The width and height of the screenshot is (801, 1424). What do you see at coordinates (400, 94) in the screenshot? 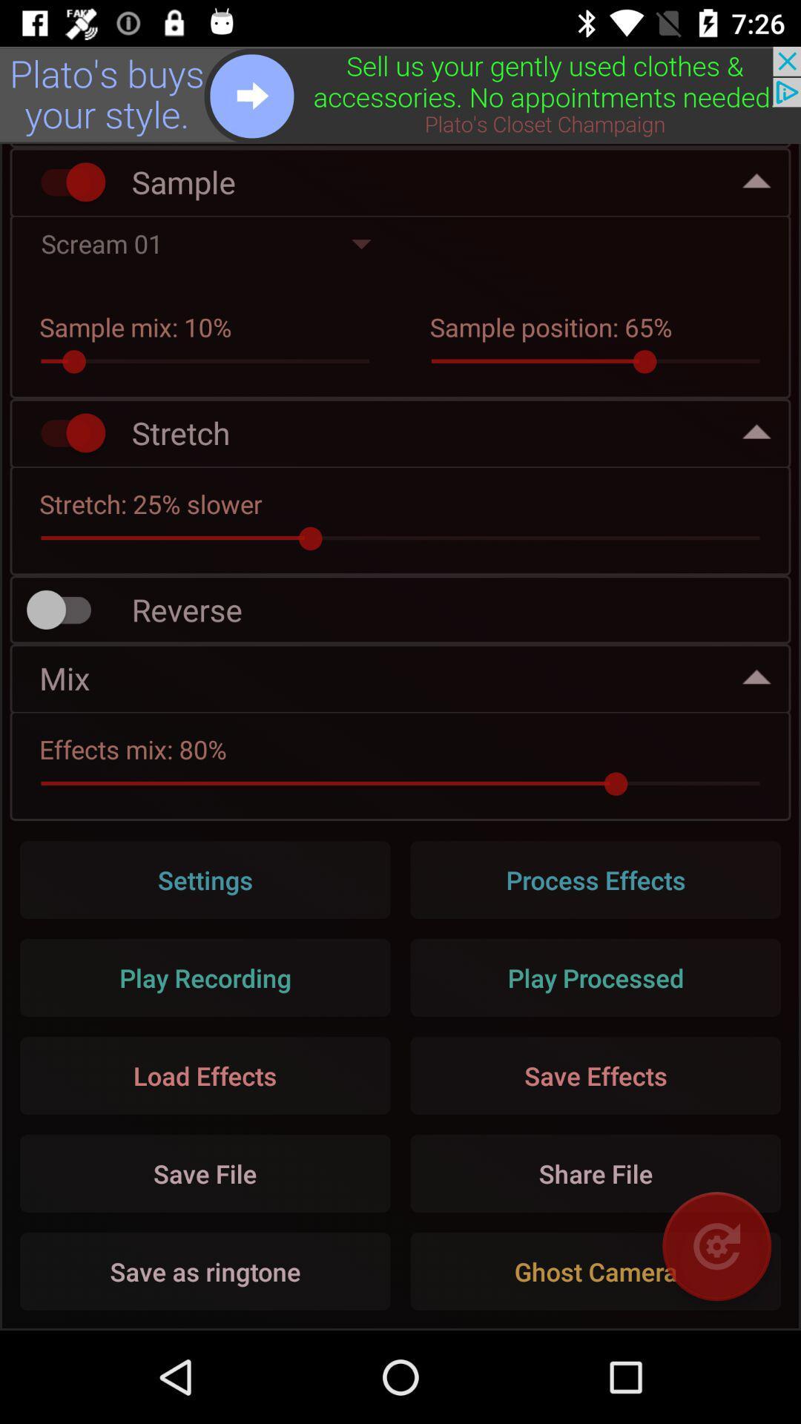
I see `advertisement` at bounding box center [400, 94].